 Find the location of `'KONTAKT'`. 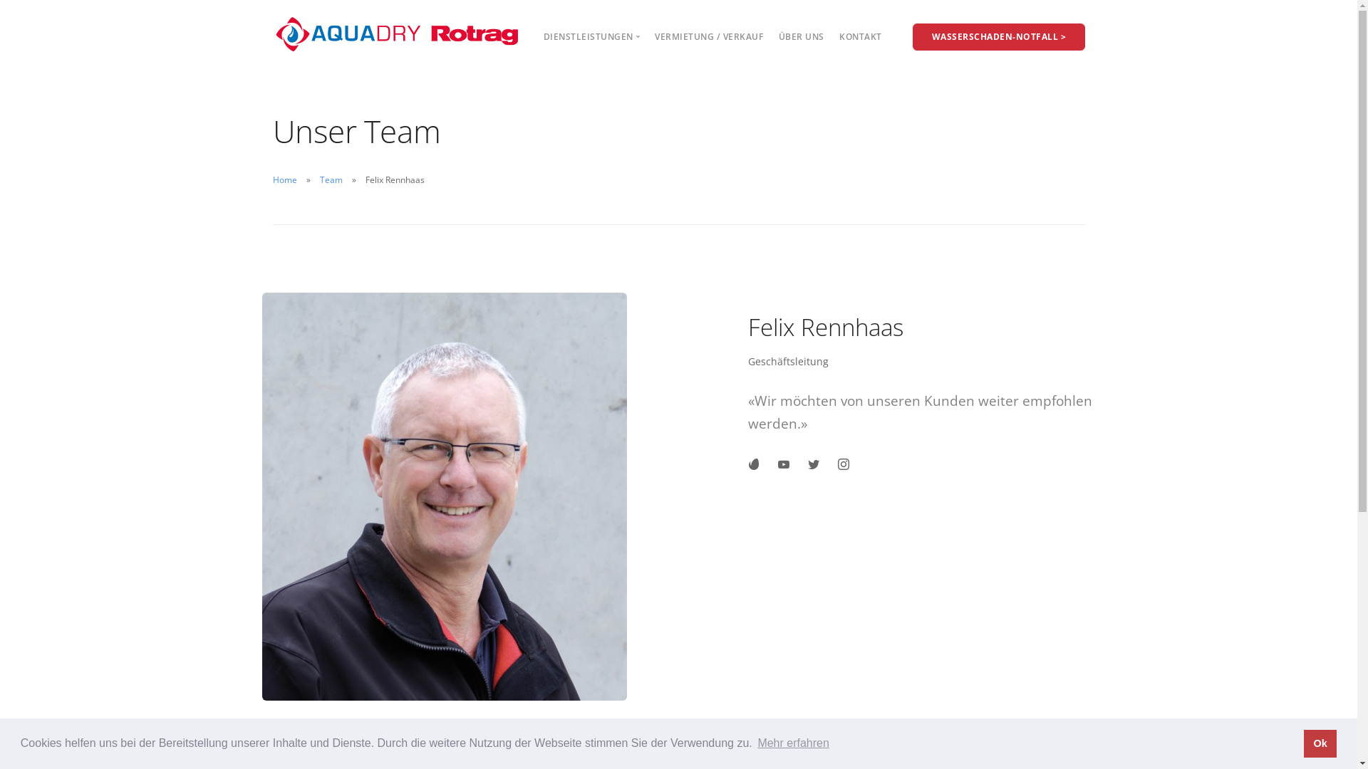

'KONTAKT' is located at coordinates (839, 36).